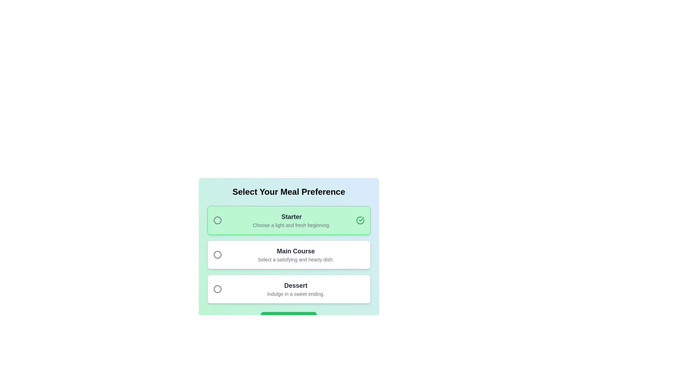 The image size is (675, 379). I want to click on text label for the meal option 'Starter', which identifies the first choice in the meal preference list, so click(291, 216).